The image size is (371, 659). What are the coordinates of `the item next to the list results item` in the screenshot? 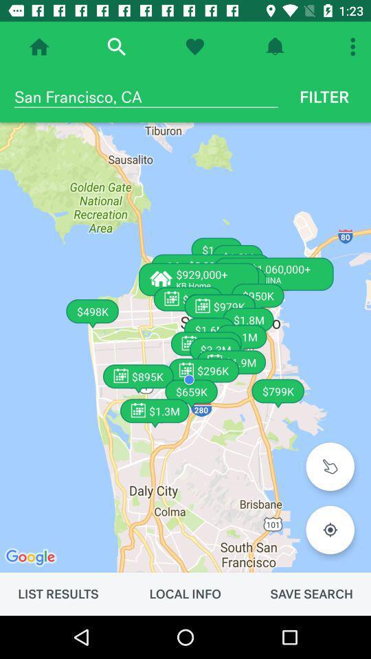 It's located at (185, 593).